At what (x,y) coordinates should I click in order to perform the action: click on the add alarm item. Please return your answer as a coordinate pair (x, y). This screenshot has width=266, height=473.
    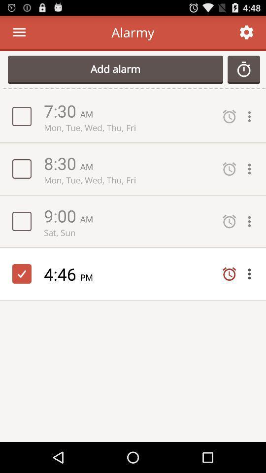
    Looking at the image, I should click on (115, 69).